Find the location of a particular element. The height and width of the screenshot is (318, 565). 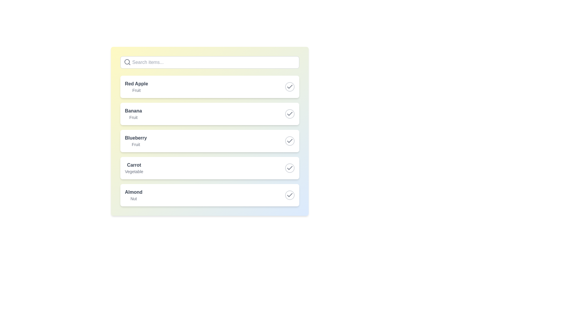

the text label located below the header text 'Almond' in the list interface is located at coordinates (133, 199).